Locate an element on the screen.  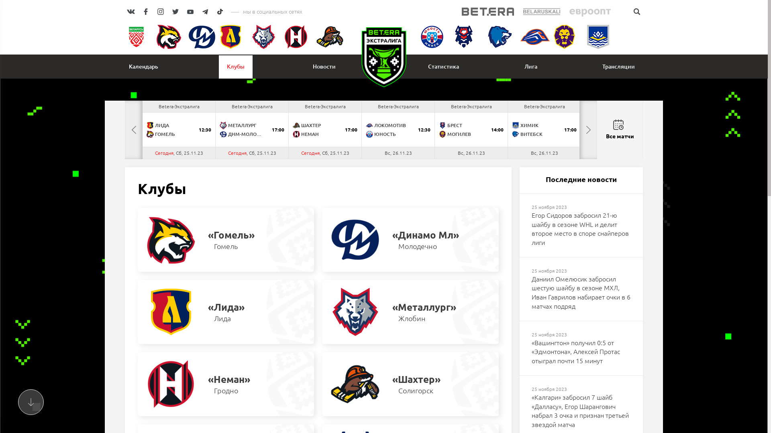
'PREVIOUS' is located at coordinates (124, 129).